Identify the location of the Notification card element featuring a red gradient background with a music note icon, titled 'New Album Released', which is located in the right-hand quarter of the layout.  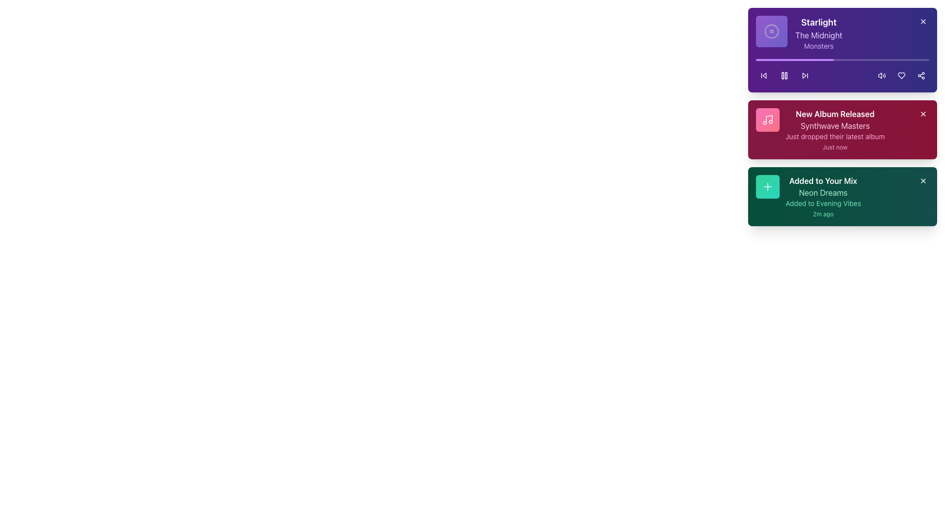
(842, 129).